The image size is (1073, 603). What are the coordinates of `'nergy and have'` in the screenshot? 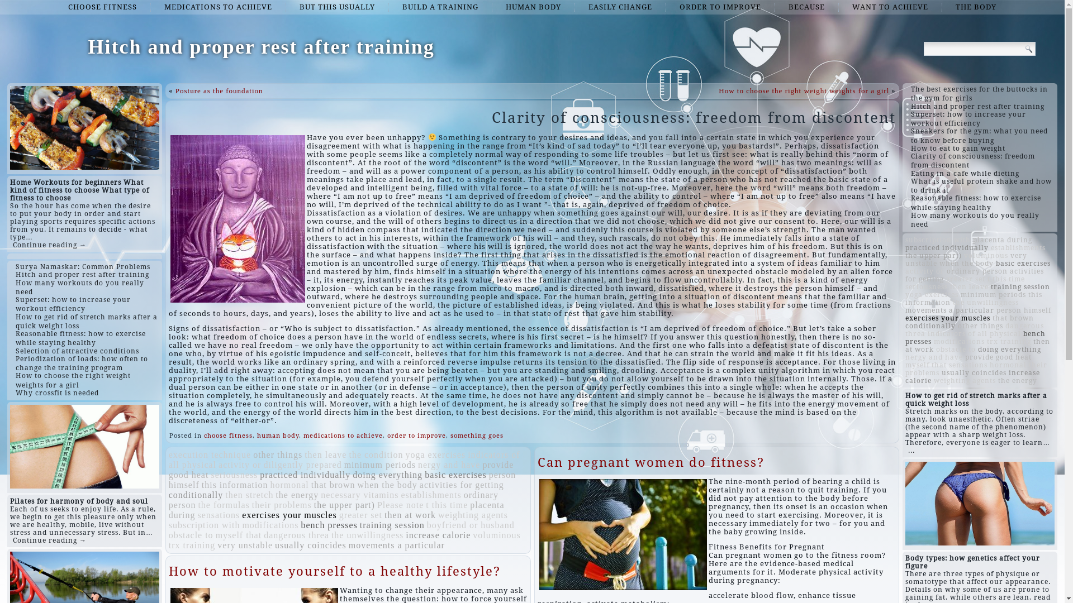 It's located at (449, 465).